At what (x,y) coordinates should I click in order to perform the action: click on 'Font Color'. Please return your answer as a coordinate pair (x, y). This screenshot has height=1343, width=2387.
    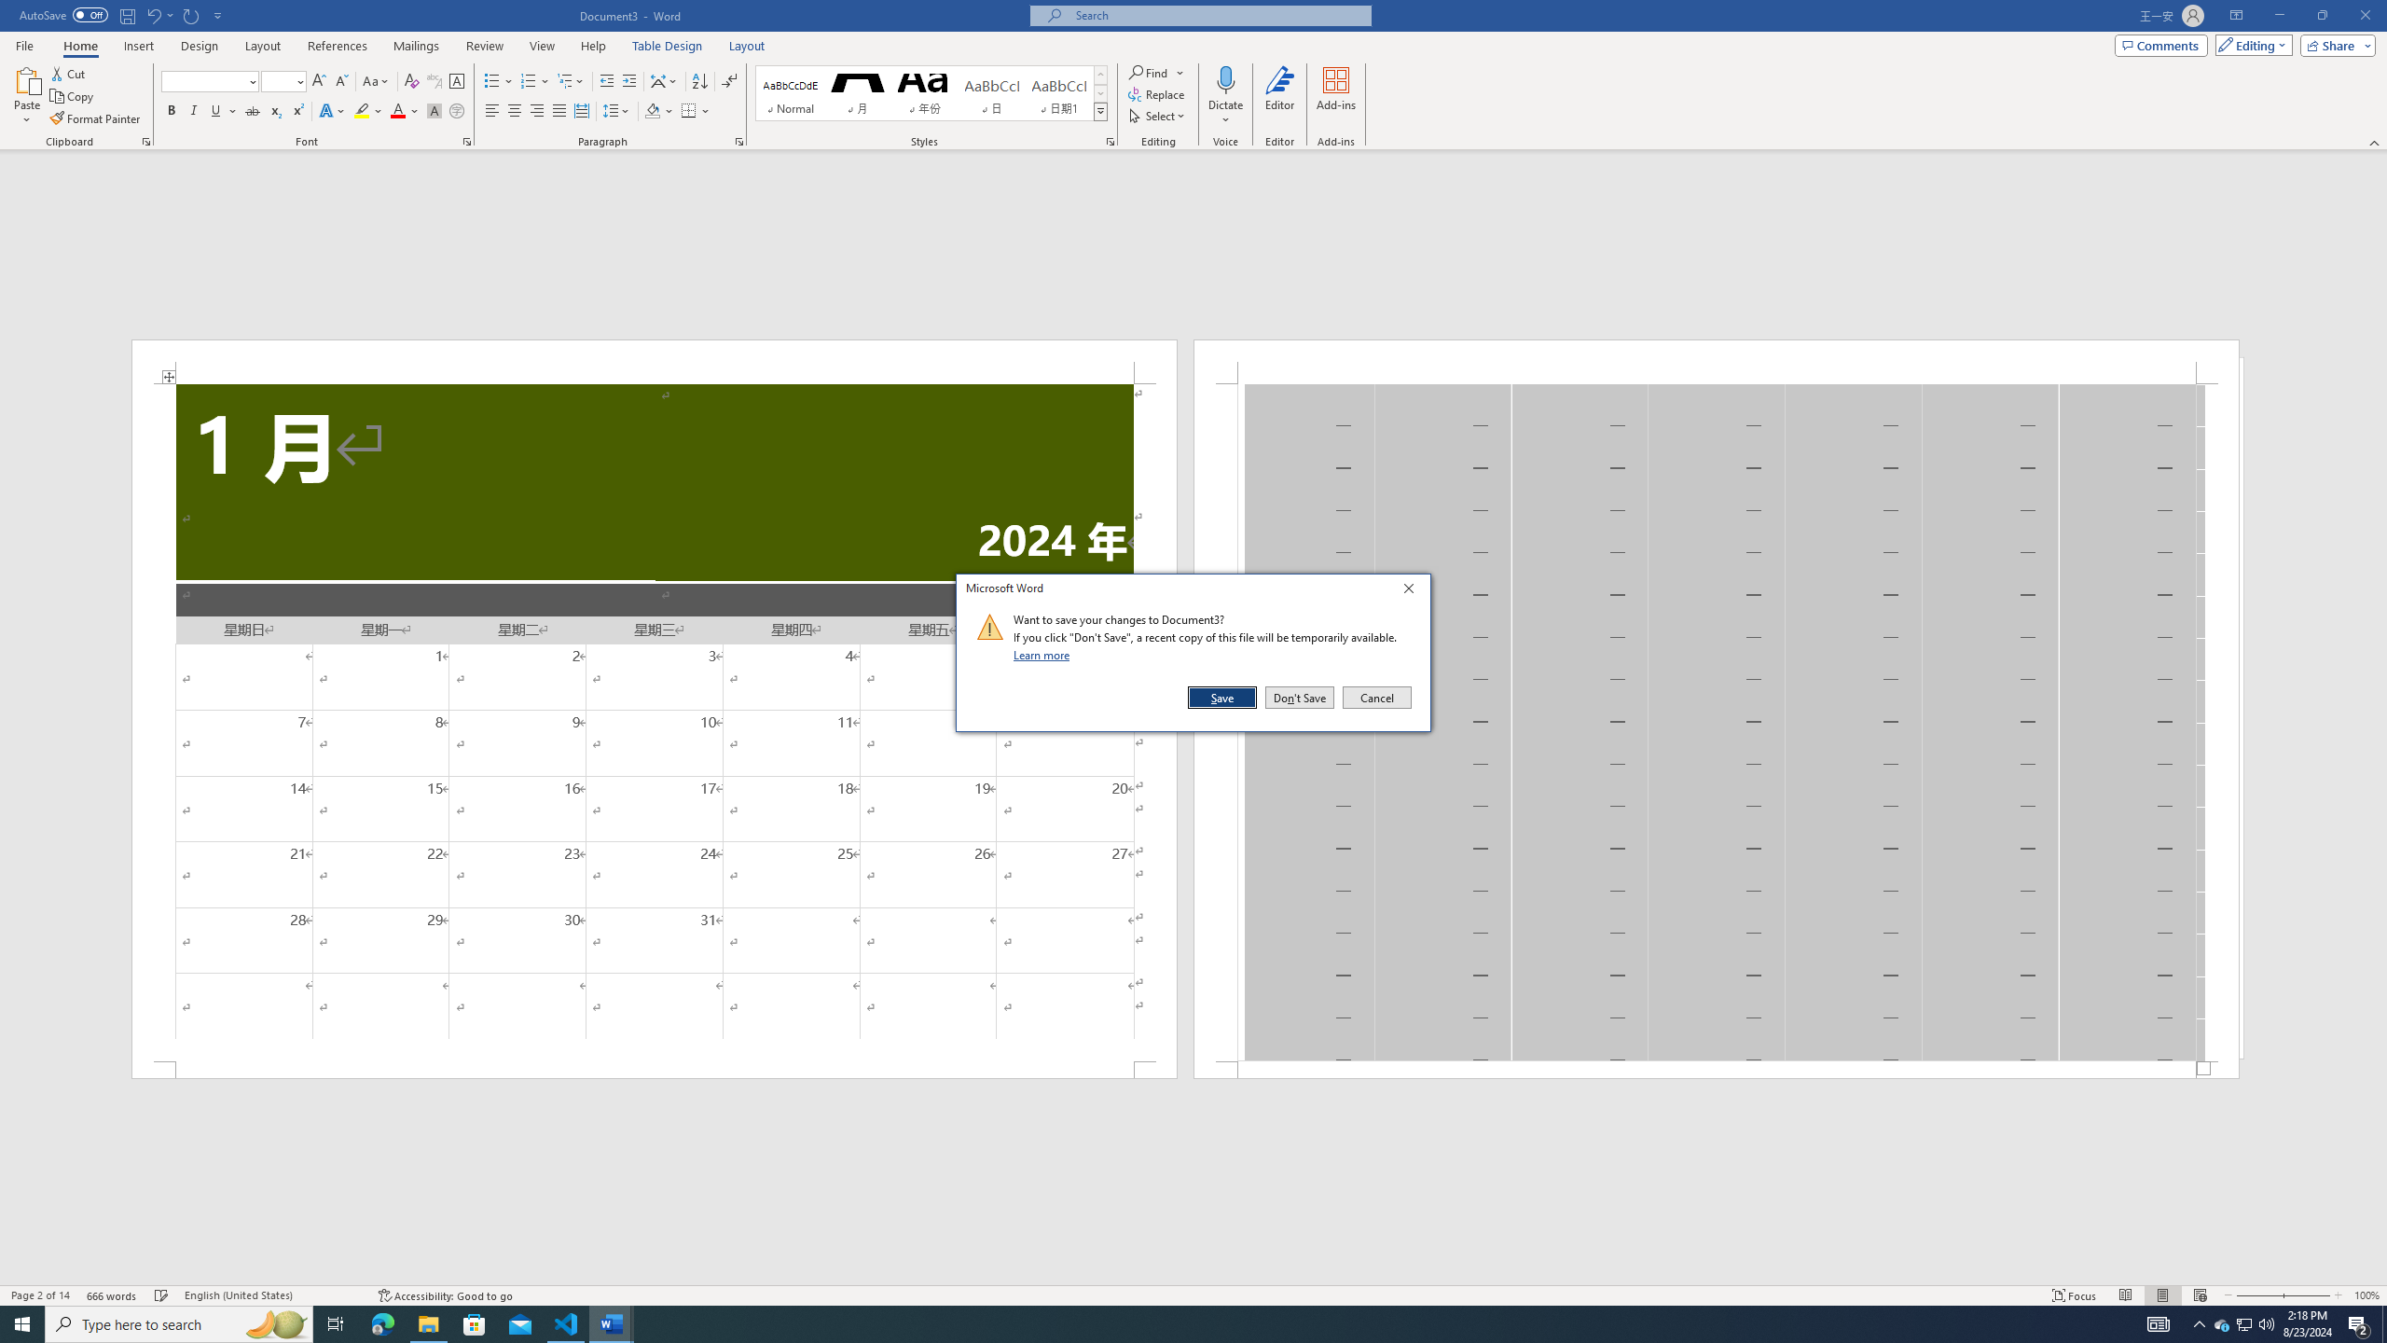
    Looking at the image, I should click on (403, 110).